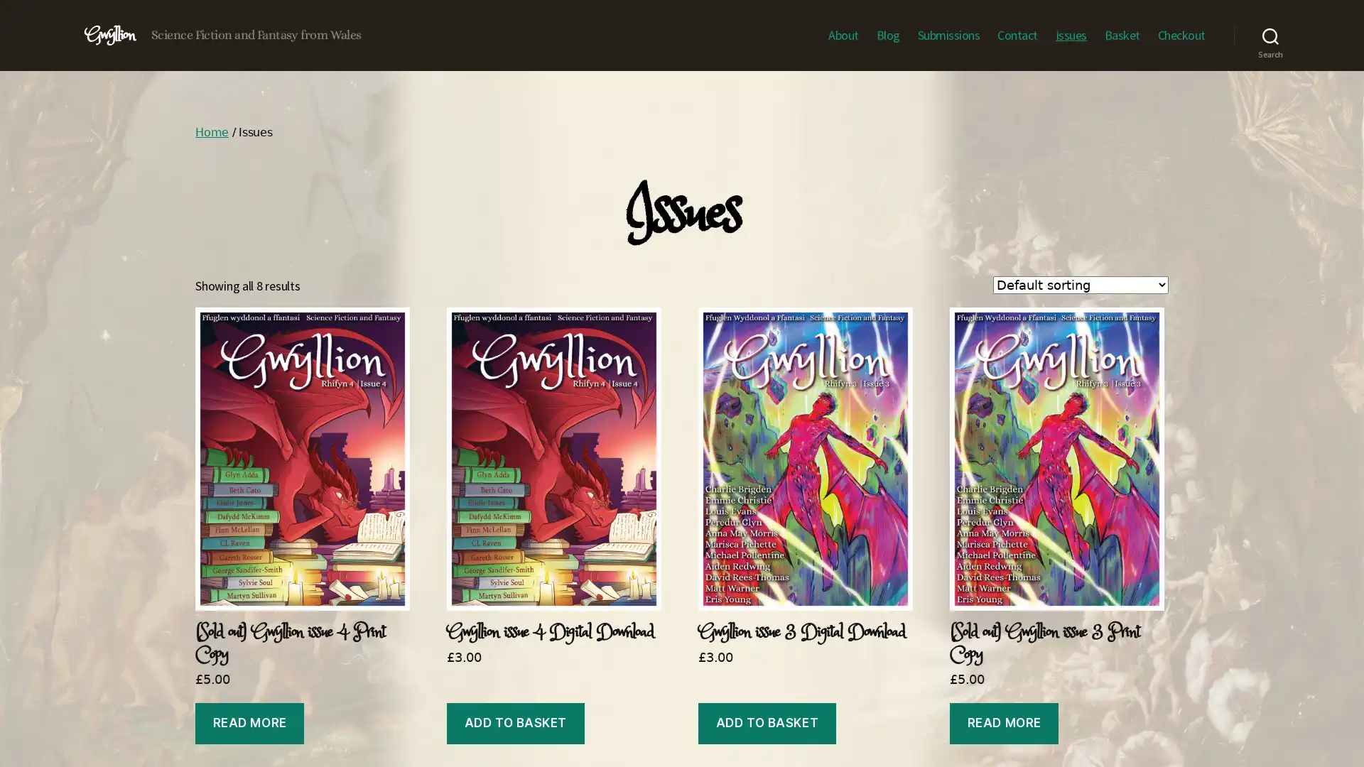  Describe the element at coordinates (1270, 35) in the screenshot. I see `Search` at that location.